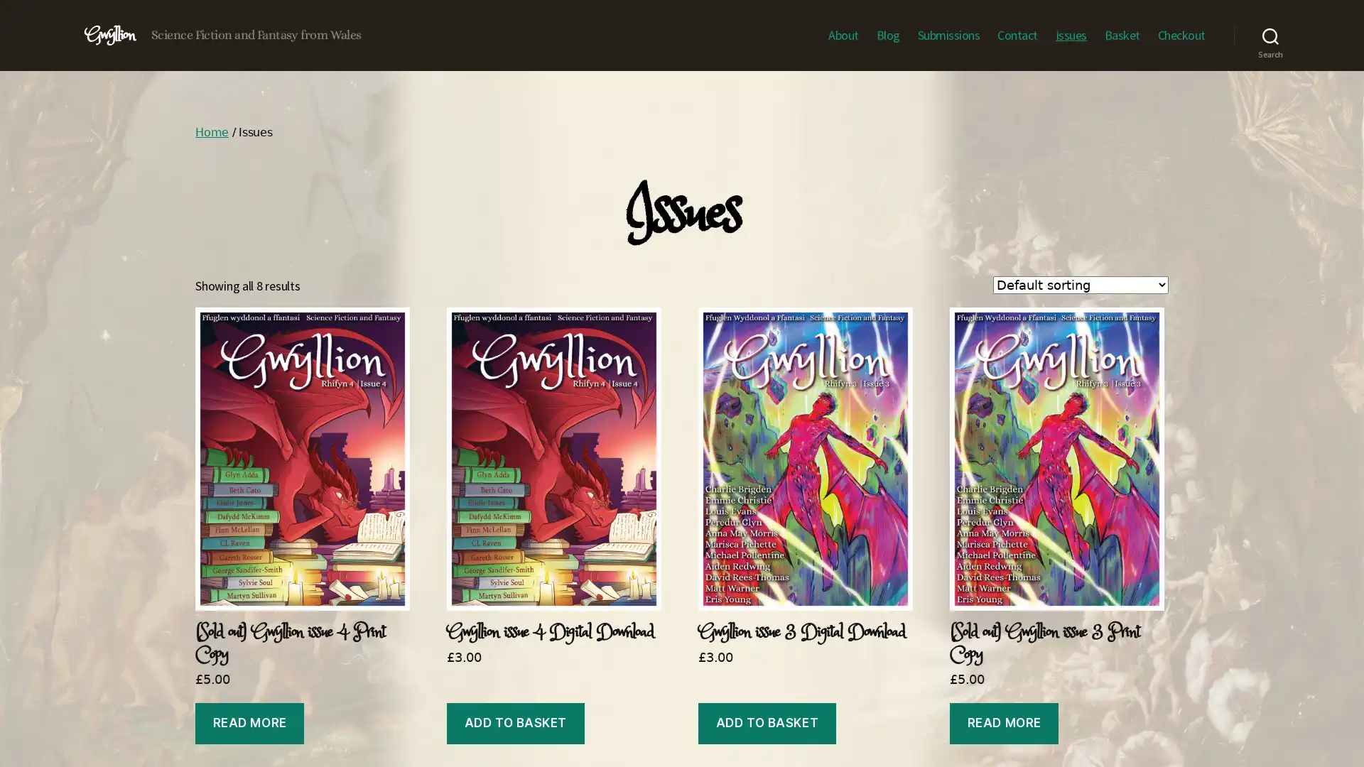  Describe the element at coordinates (1270, 35) in the screenshot. I see `Search` at that location.